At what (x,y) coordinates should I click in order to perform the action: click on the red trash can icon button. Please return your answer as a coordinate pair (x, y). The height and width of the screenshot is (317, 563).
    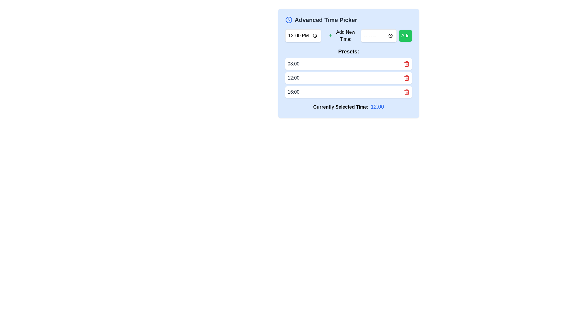
    Looking at the image, I should click on (406, 78).